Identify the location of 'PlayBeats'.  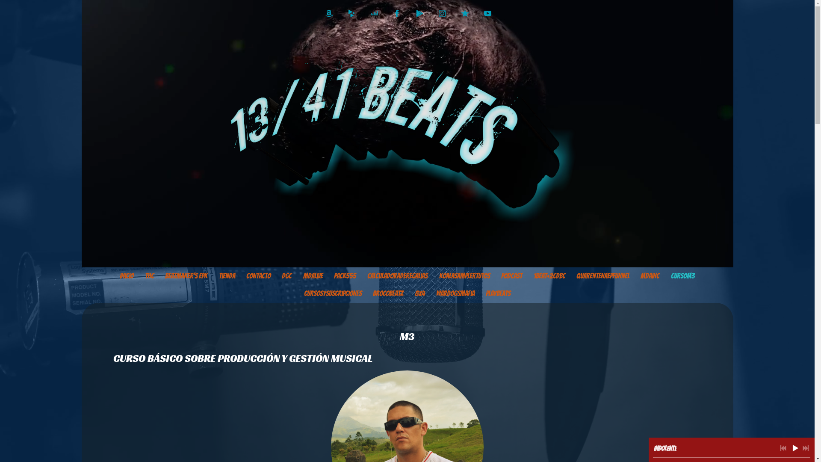
(498, 293).